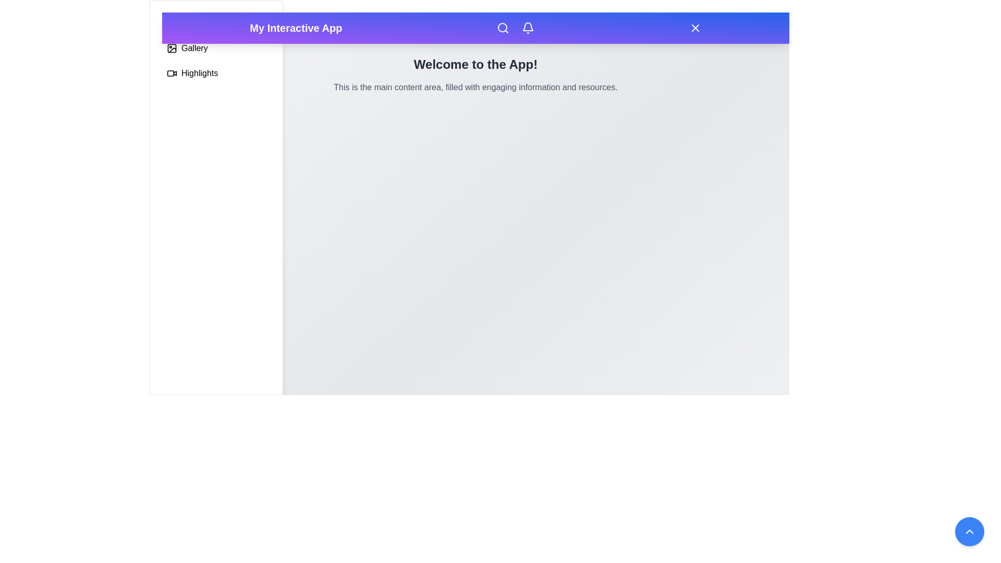  What do you see at coordinates (215, 48) in the screenshot?
I see `the 'Gallery' button located in the middle section of the left sidebar, which is the second item in a vertical list between 'Profile' and 'Highlights'` at bounding box center [215, 48].